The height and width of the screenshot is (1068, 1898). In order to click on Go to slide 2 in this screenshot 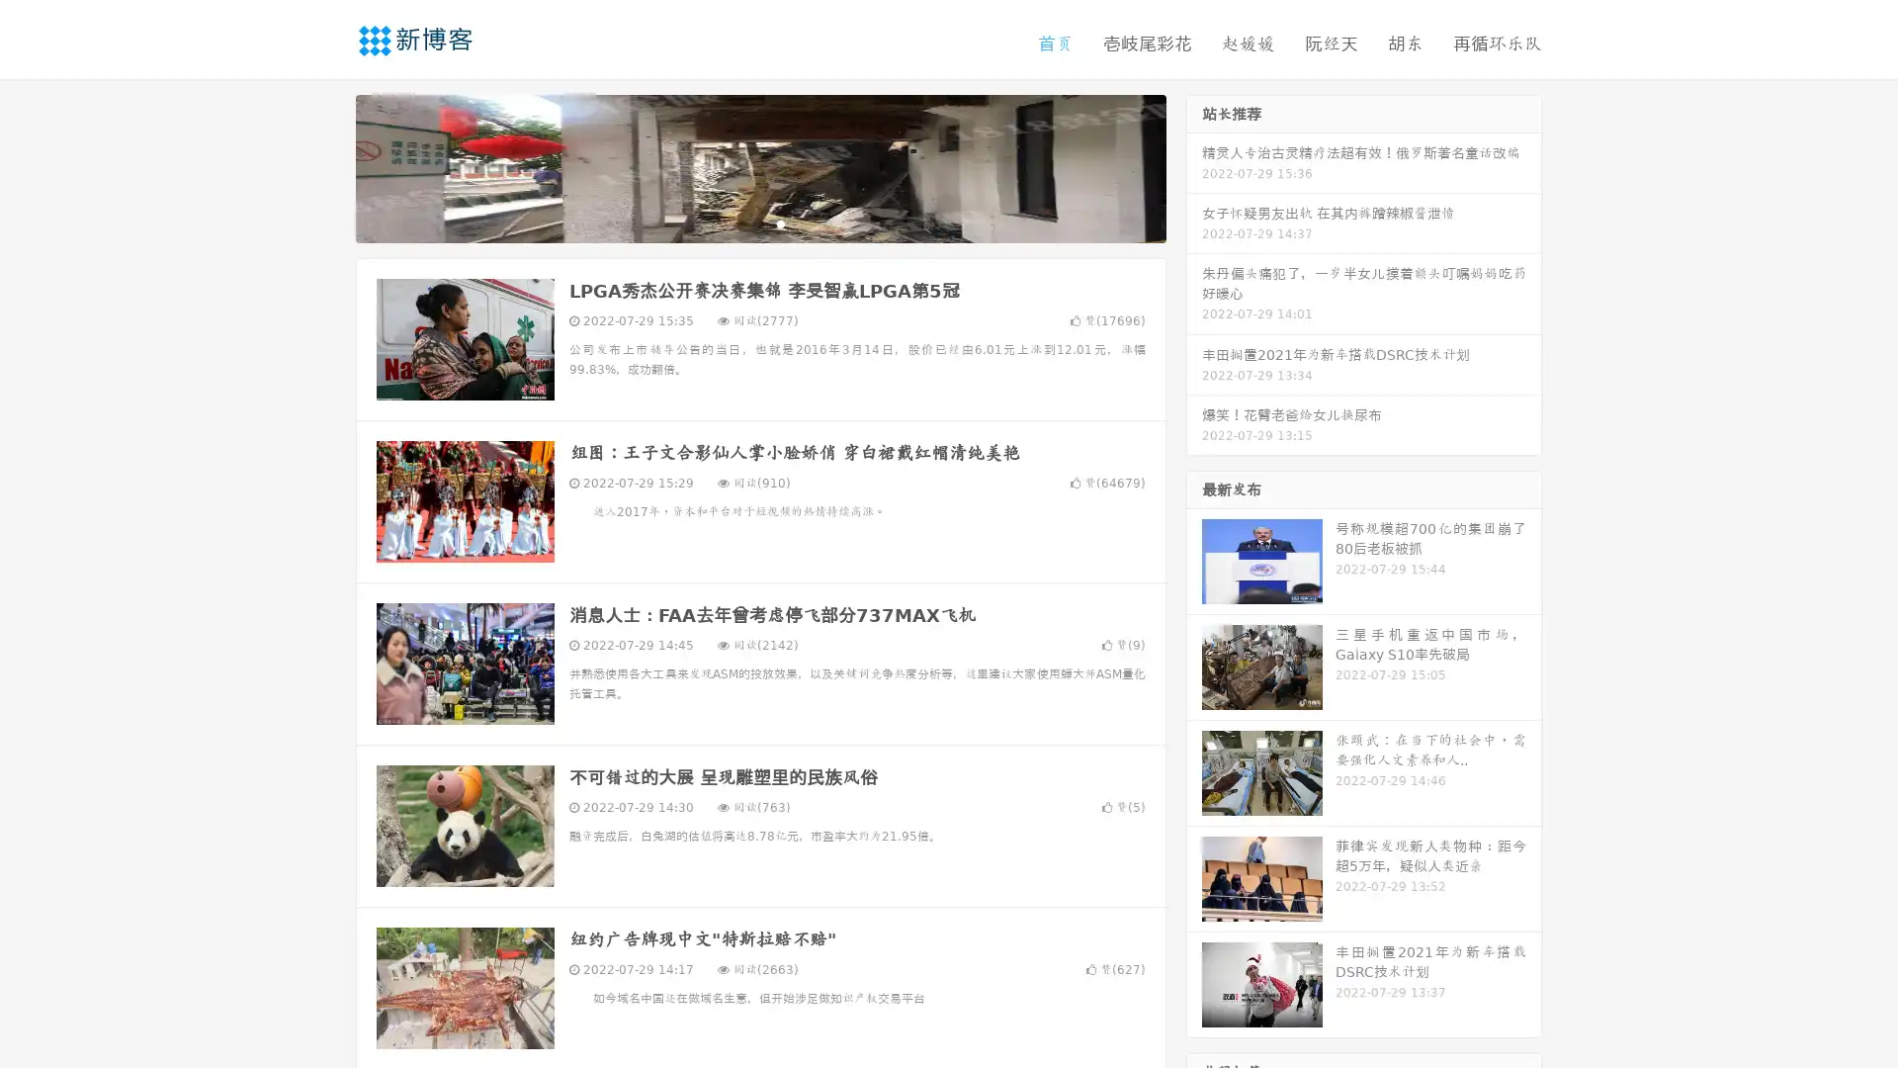, I will do `click(759, 222)`.